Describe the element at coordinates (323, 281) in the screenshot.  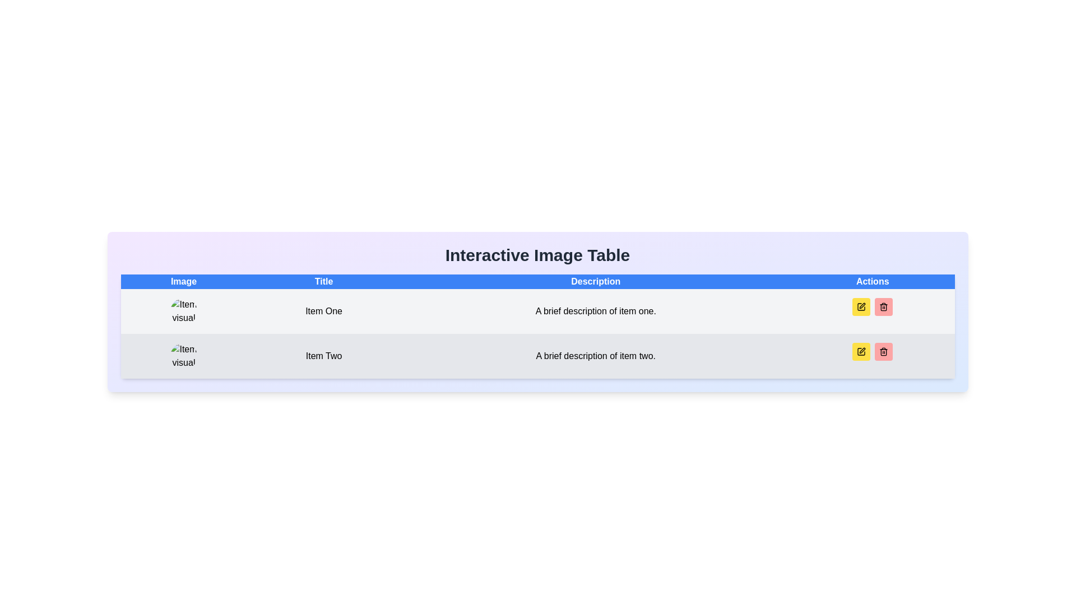
I see `the 'Title' column header text label which is located in the second position from the left in the header row of the table, directly to the right of the 'Image' label and to the left of the 'Description' label` at that location.